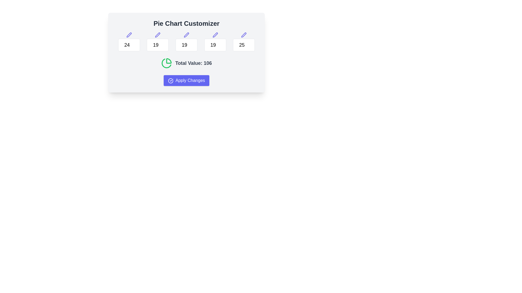 The height and width of the screenshot is (293, 522). I want to click on the first segment of the pie chart that visually represents a data portion under the 'Total Value: 106' label, so click(168, 61).